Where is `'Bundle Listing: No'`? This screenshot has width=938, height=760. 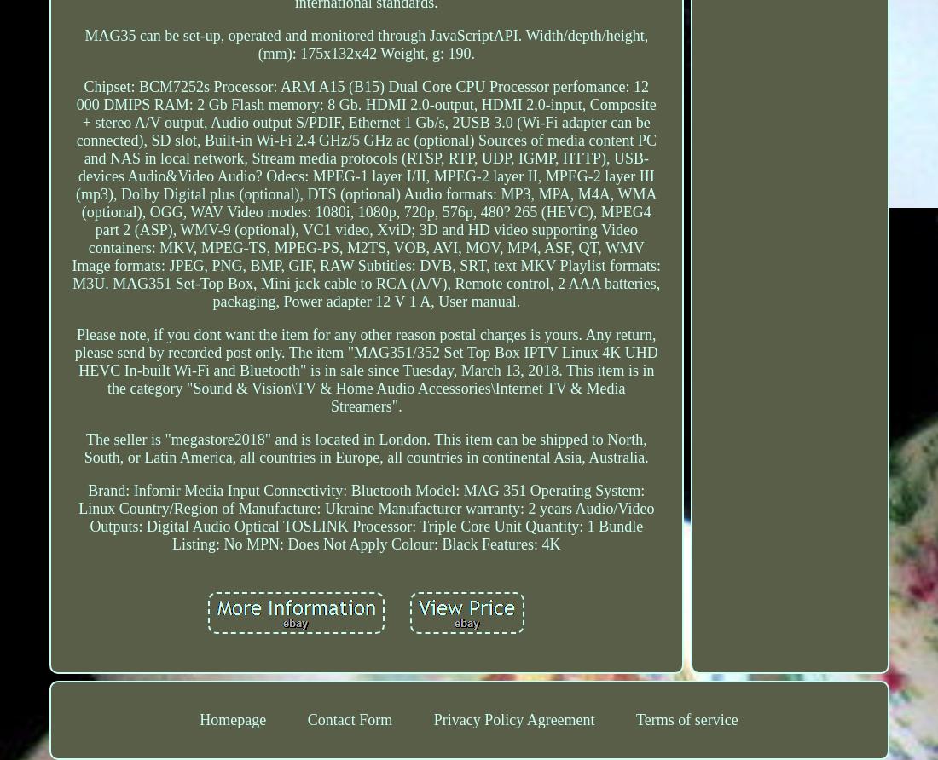
'Bundle Listing: No' is located at coordinates (171, 534).